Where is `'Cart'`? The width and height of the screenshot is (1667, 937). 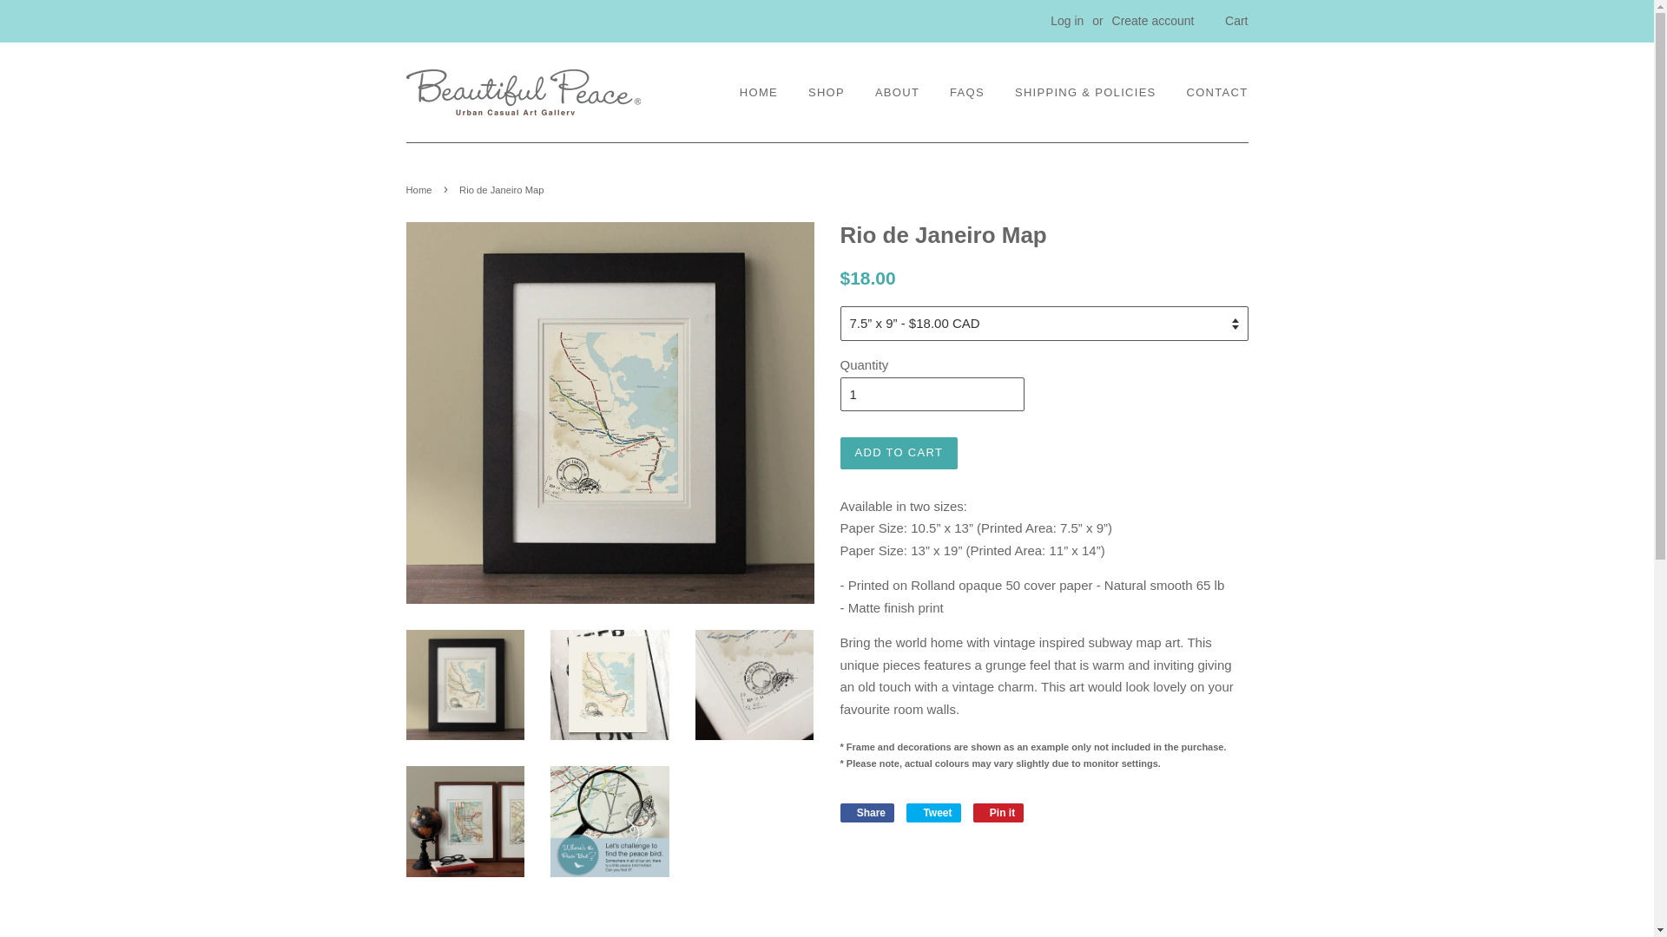 'Cart' is located at coordinates (1235, 21).